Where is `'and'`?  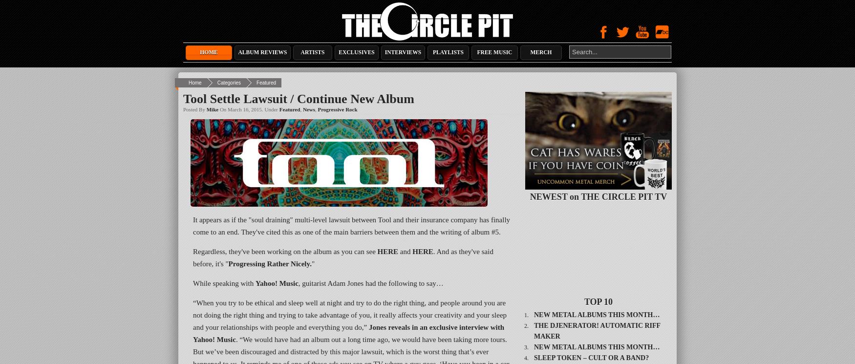 'and' is located at coordinates (405, 251).